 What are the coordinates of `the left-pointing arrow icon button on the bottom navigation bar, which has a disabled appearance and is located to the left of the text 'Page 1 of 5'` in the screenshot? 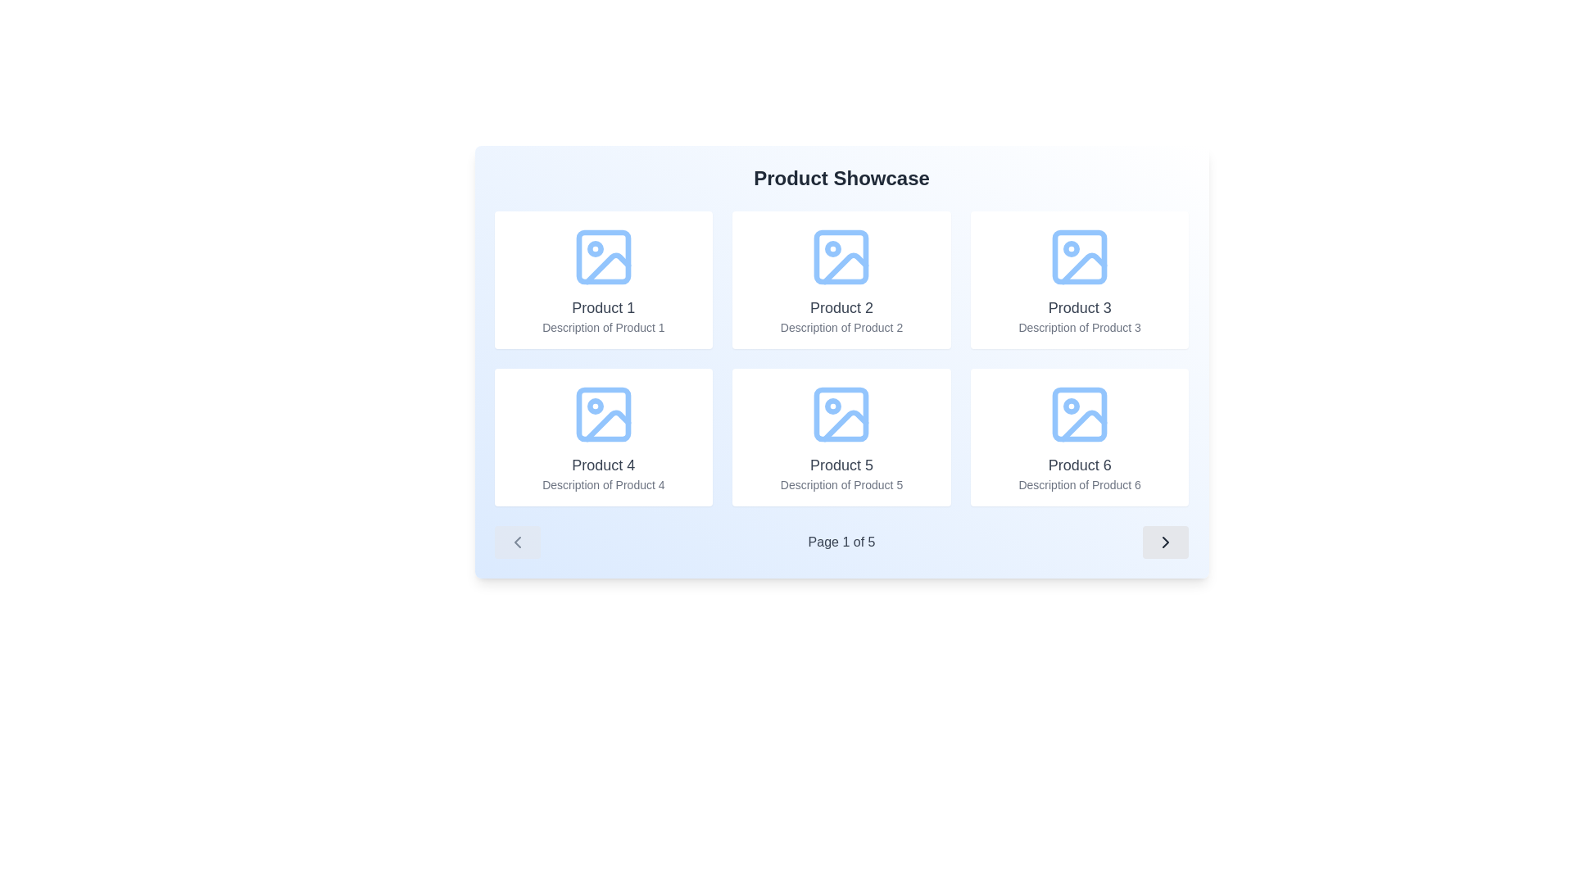 It's located at (516, 542).